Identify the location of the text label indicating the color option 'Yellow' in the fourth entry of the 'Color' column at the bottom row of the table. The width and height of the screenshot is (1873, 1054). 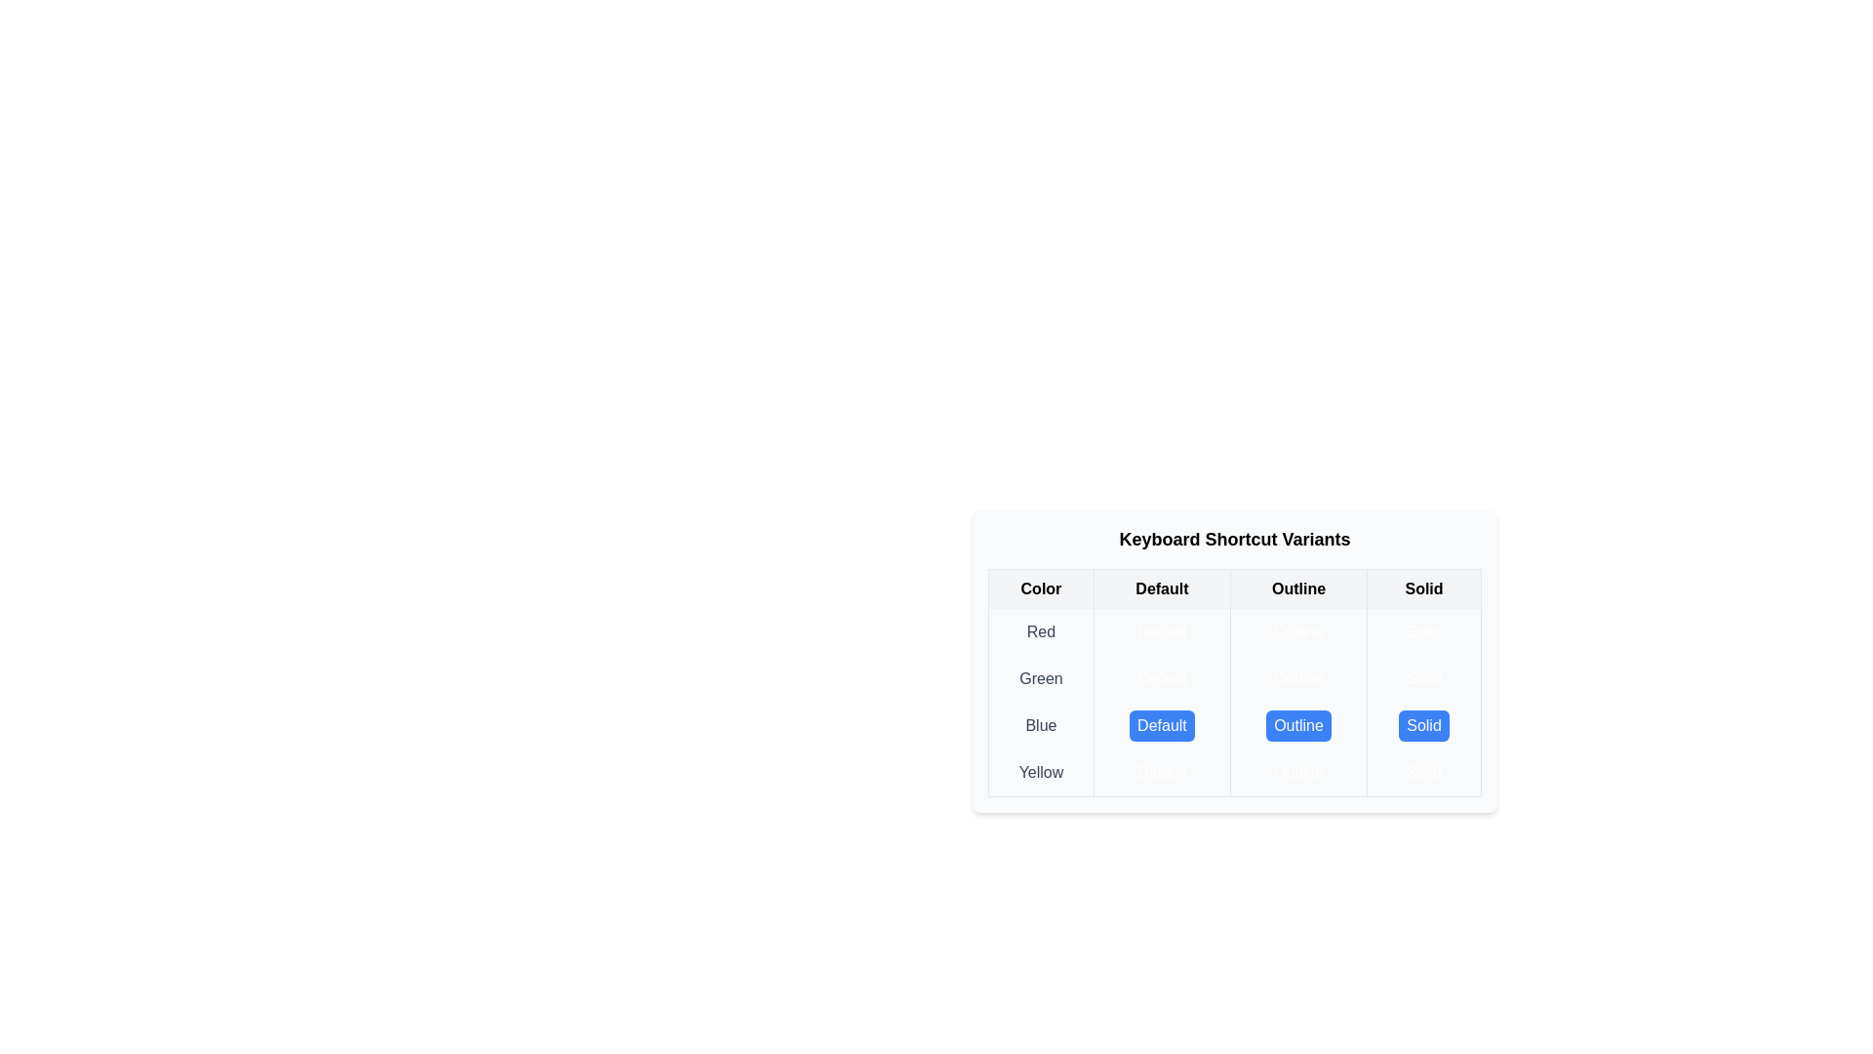
(1040, 772).